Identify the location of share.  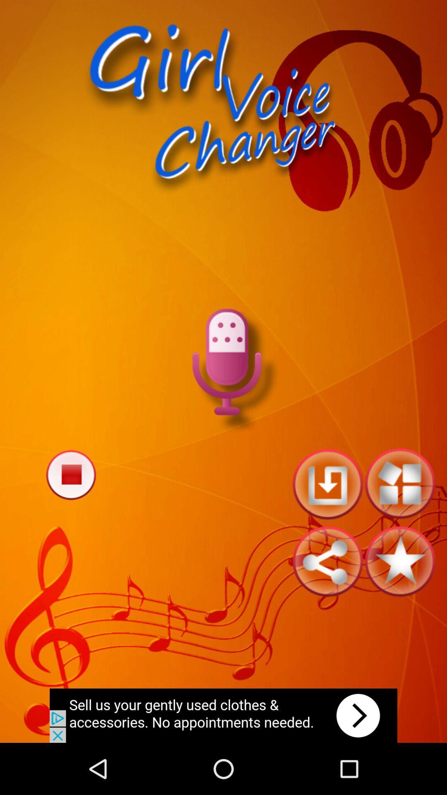
(327, 561).